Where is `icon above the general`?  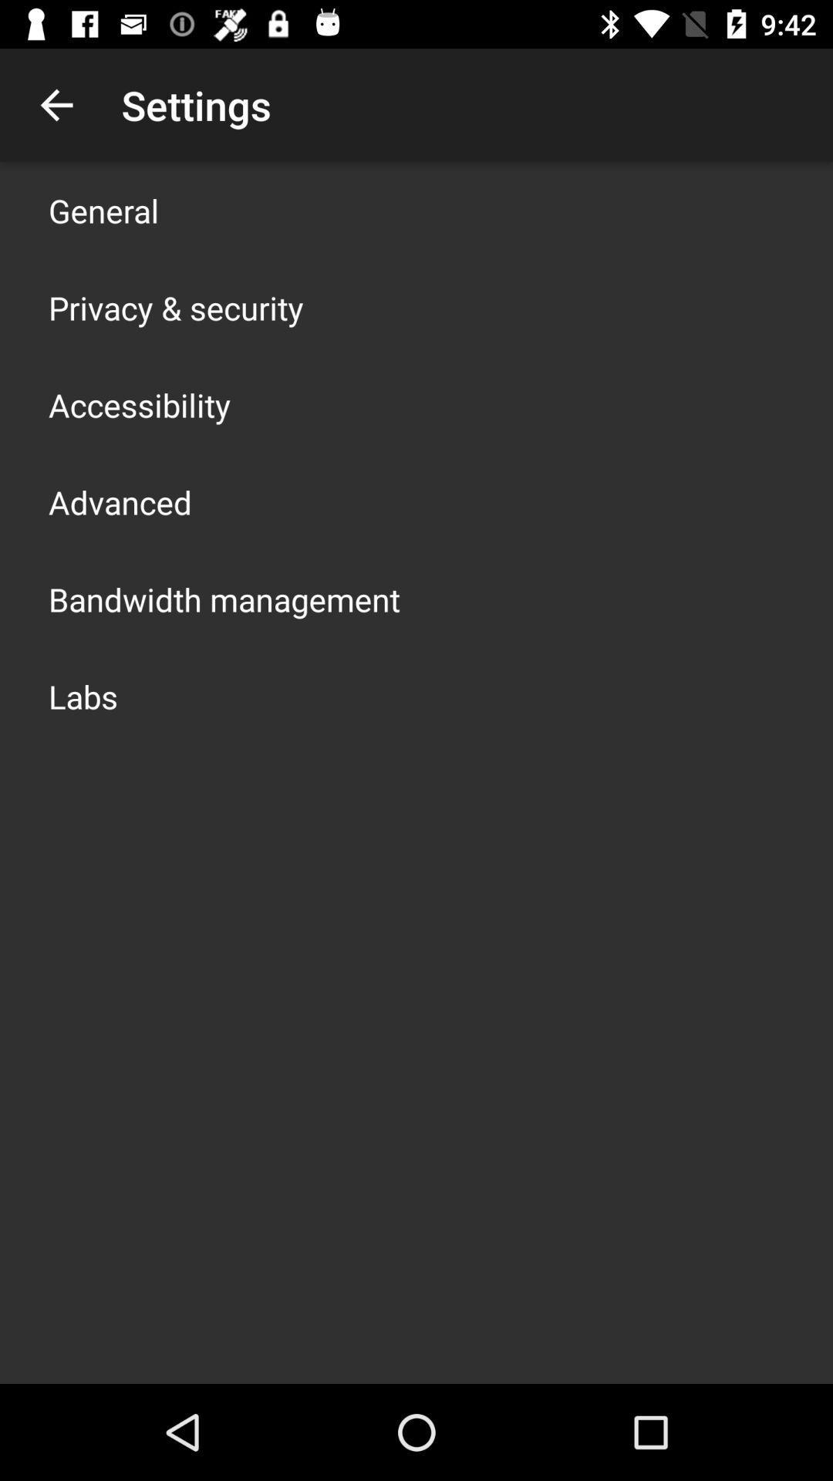 icon above the general is located at coordinates (56, 104).